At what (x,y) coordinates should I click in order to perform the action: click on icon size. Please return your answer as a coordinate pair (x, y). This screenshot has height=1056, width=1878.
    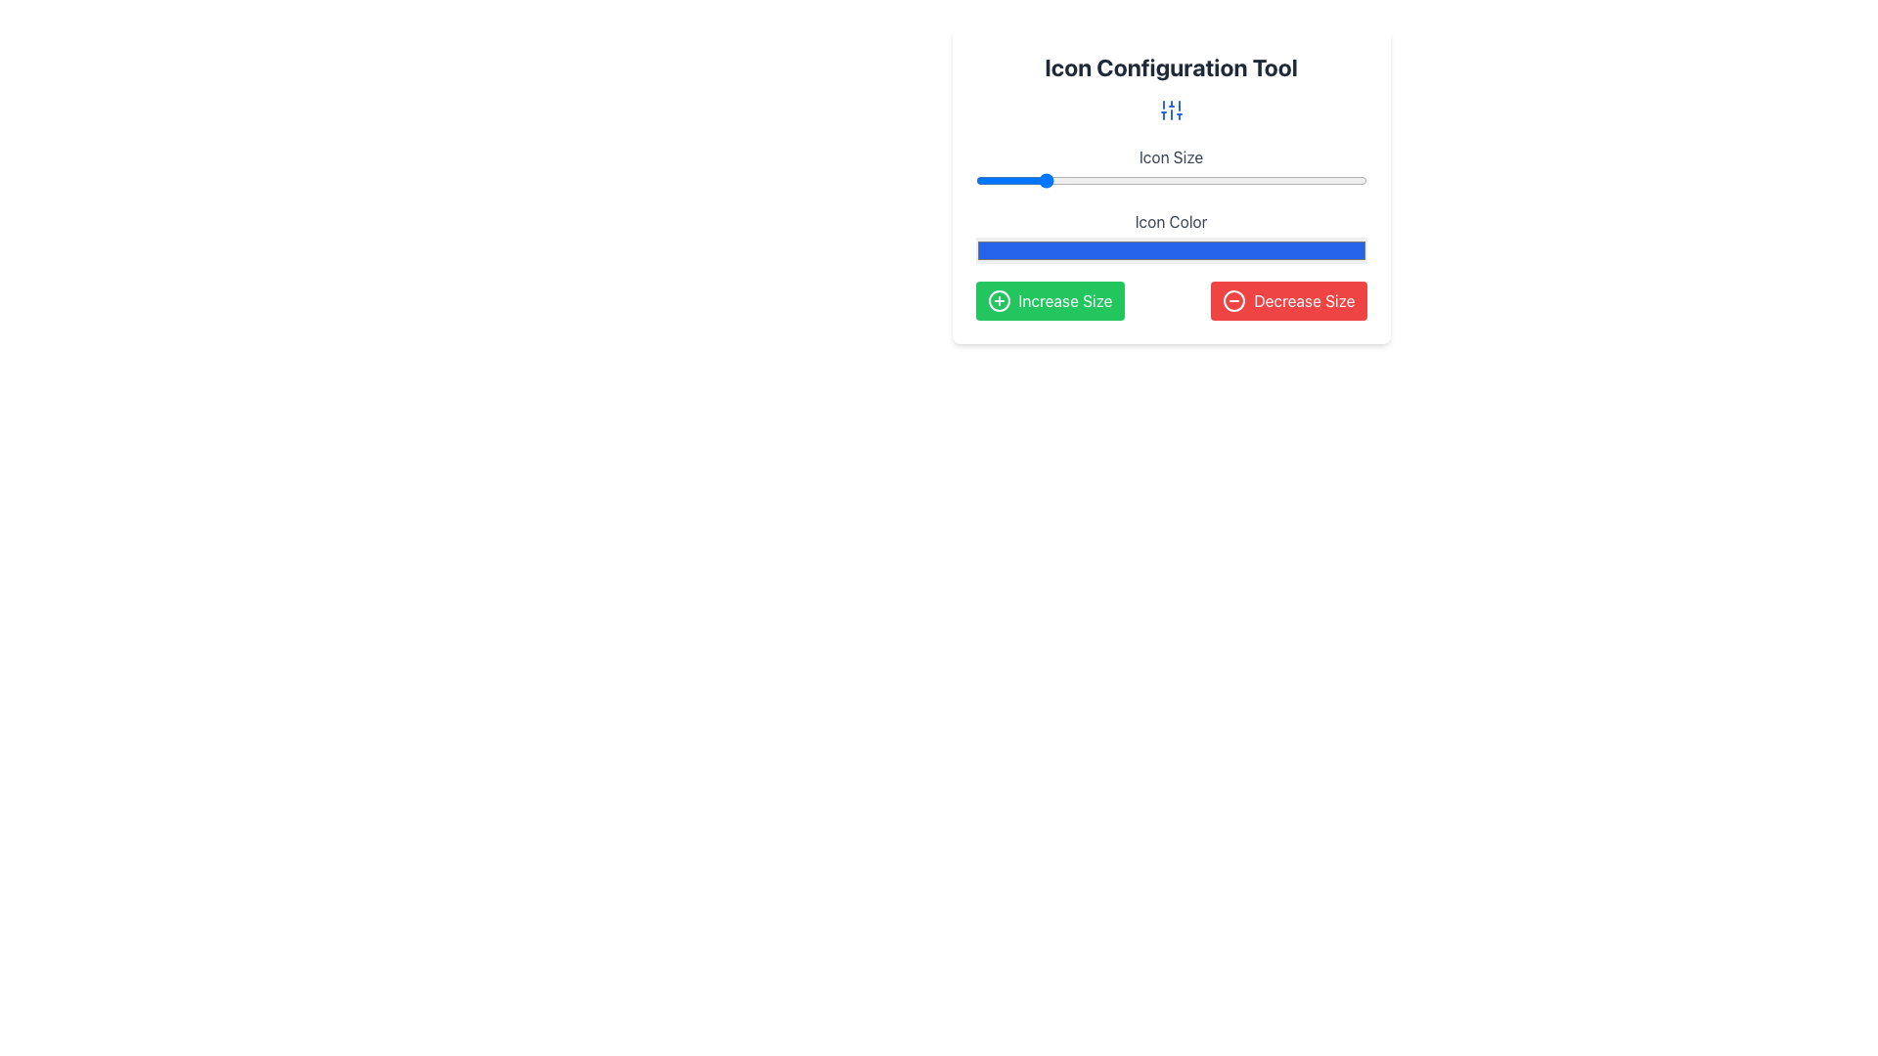
    Looking at the image, I should click on (1293, 181).